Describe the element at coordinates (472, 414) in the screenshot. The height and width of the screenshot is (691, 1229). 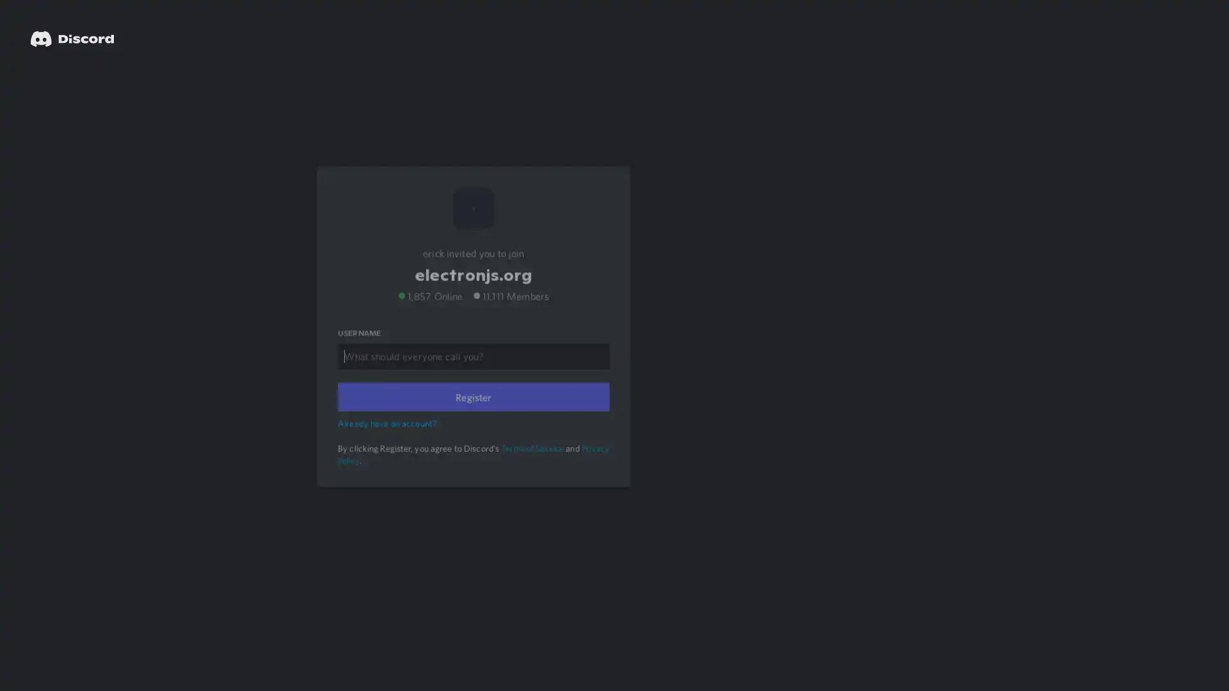
I see `Register` at that location.